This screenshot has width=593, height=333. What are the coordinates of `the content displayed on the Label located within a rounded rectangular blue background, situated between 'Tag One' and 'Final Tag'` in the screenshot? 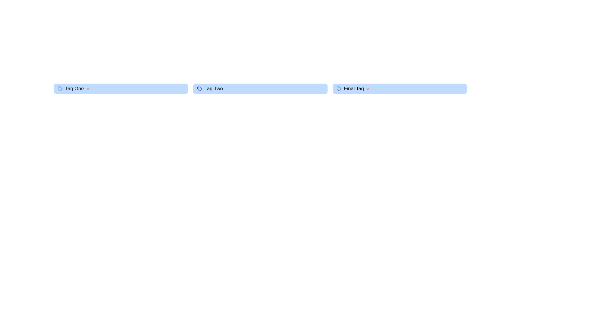 It's located at (213, 89).